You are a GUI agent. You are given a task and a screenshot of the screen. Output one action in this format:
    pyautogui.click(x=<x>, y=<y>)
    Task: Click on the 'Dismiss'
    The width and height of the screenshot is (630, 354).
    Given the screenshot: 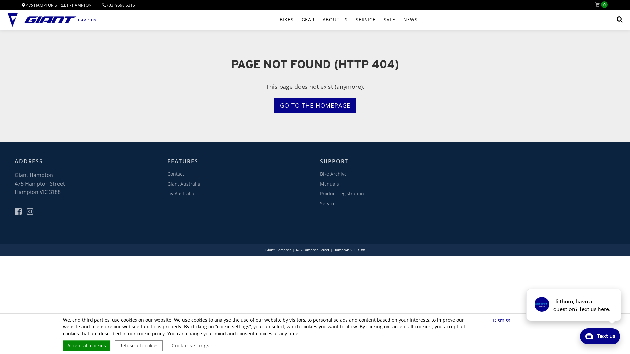 What is the action you would take?
    pyautogui.click(x=502, y=320)
    